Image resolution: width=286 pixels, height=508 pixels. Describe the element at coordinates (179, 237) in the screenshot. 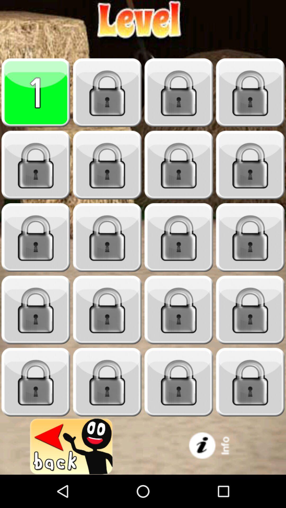

I see `locked game level` at that location.